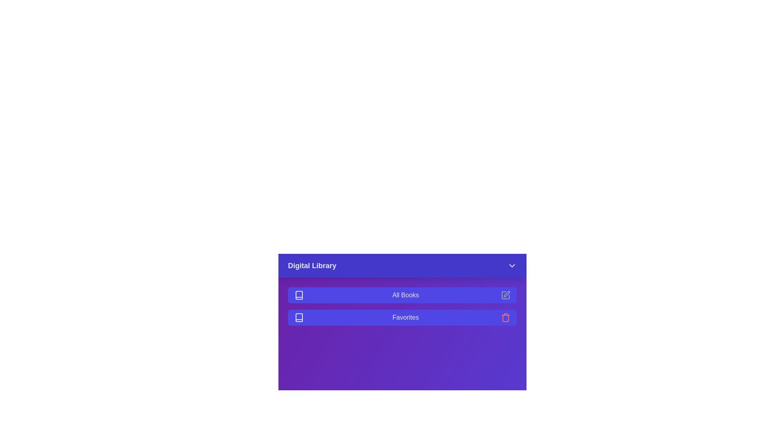  I want to click on the menu item Favorites to select it, so click(402, 317).